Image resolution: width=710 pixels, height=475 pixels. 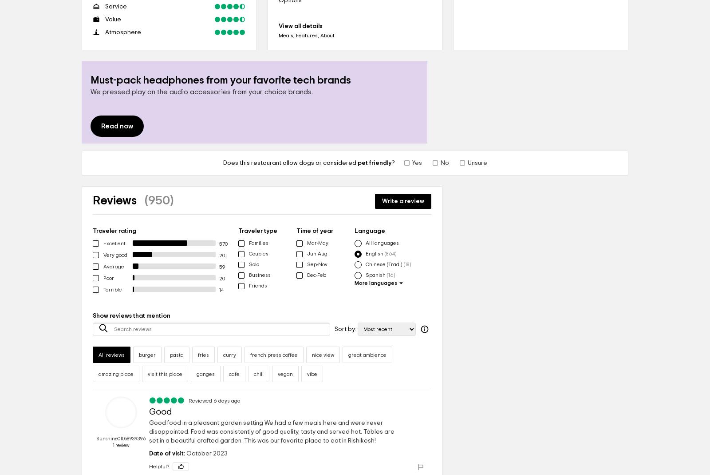 What do you see at coordinates (116, 6) in the screenshot?
I see `'Service'` at bounding box center [116, 6].